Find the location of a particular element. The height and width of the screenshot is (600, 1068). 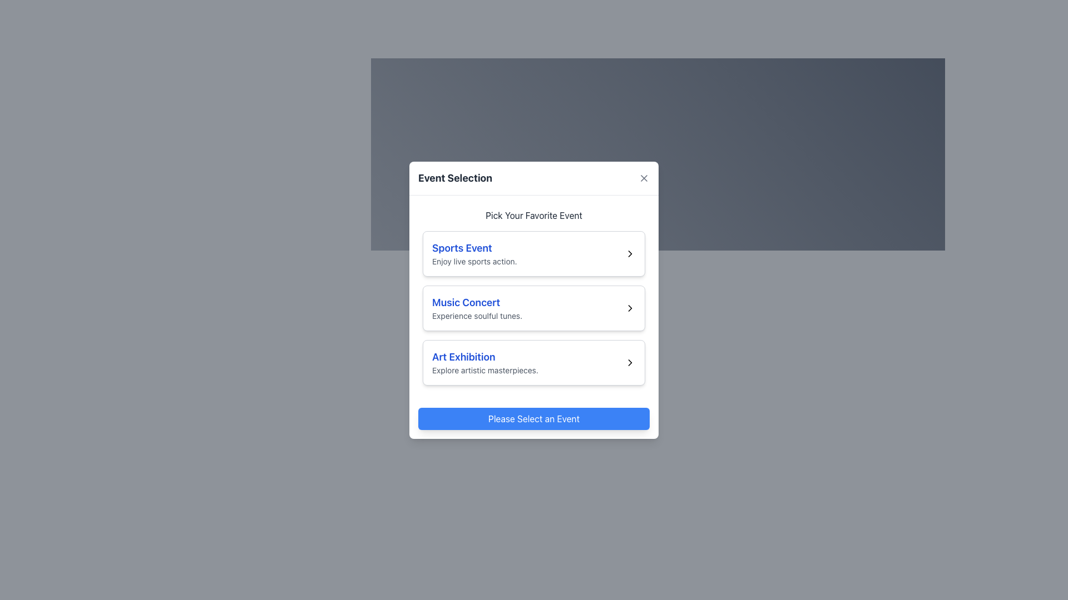

the rectangular button with a blue background and white text reading 'Please Select an Event' to trigger the hover effect is located at coordinates (534, 418).